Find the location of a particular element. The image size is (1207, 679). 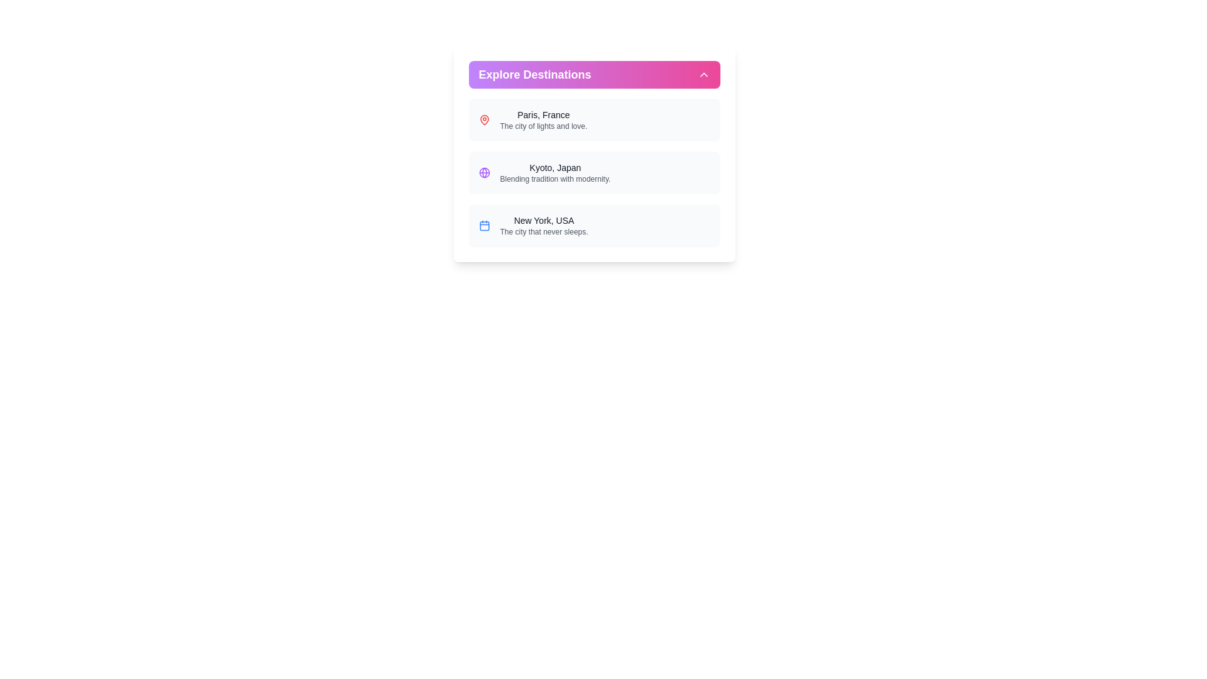

the calendar icon located to the left of the 'New York, USA' entry is located at coordinates (483, 224).